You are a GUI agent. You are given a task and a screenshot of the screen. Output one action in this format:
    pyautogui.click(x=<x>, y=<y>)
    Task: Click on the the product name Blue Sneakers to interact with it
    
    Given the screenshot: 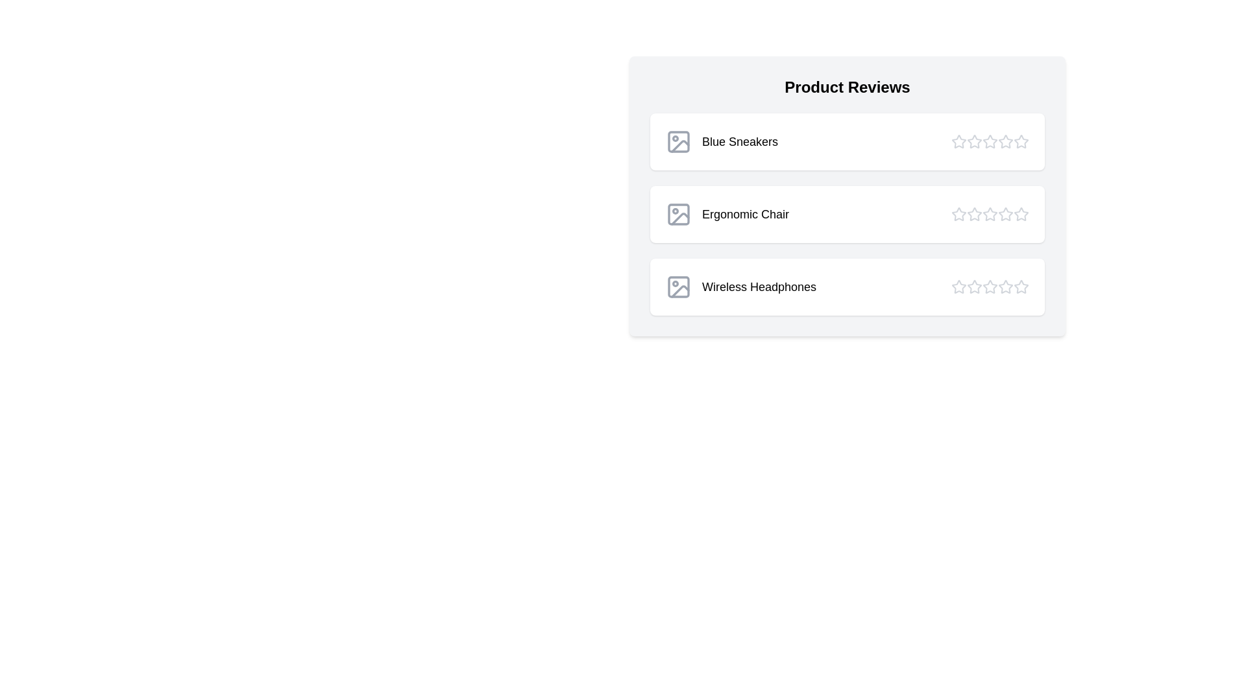 What is the action you would take?
    pyautogui.click(x=740, y=142)
    